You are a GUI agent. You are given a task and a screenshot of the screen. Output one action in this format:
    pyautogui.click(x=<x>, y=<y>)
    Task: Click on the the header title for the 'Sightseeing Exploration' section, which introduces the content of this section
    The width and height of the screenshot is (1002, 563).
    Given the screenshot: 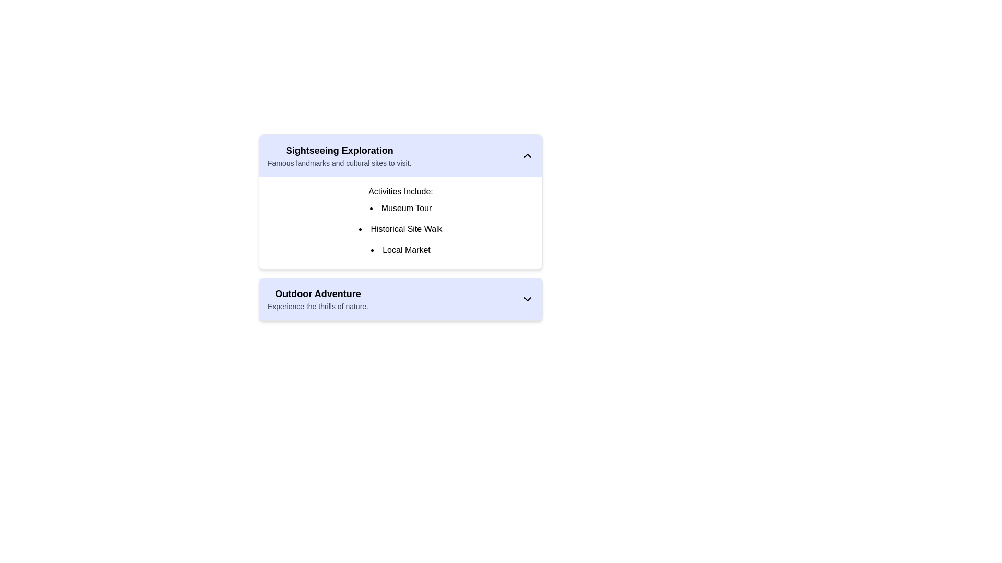 What is the action you would take?
    pyautogui.click(x=339, y=151)
    